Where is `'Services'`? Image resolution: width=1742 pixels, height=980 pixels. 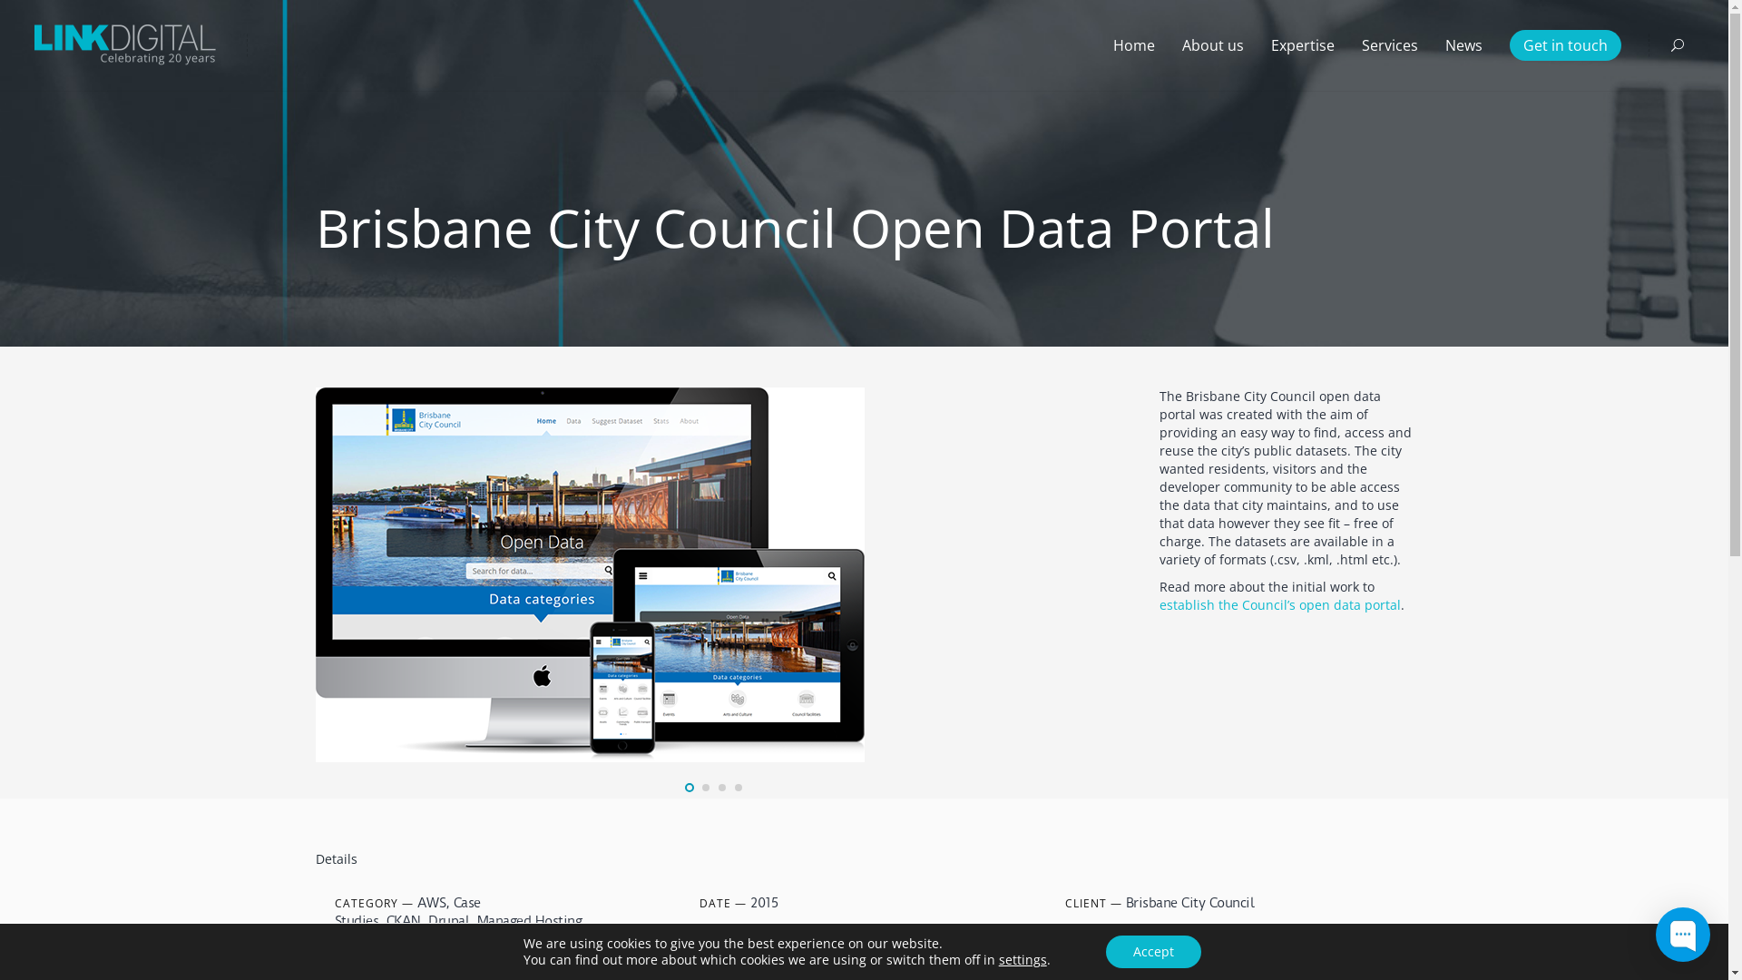 'Services' is located at coordinates (1348, 44).